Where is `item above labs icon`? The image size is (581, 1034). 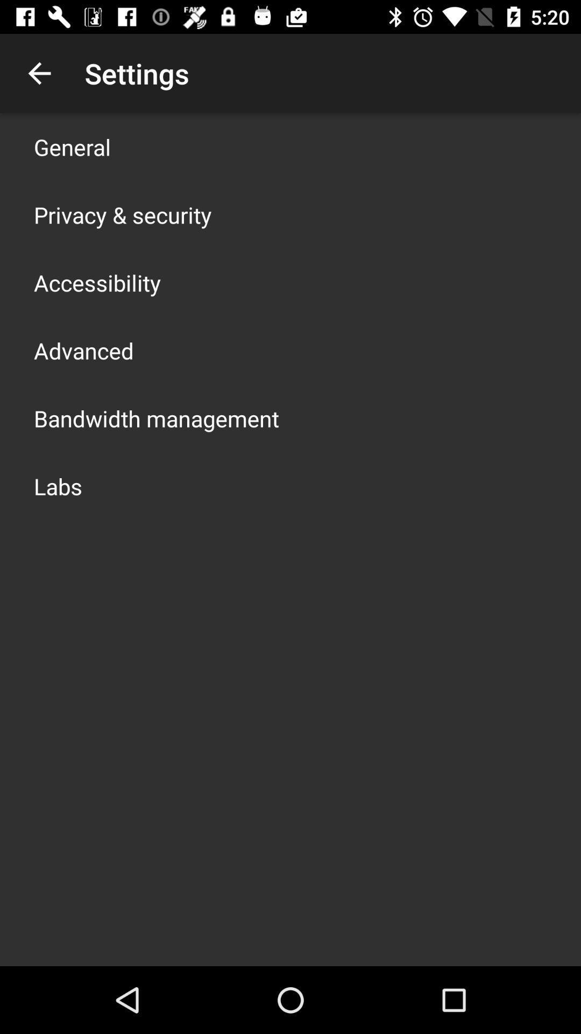 item above labs icon is located at coordinates (156, 418).